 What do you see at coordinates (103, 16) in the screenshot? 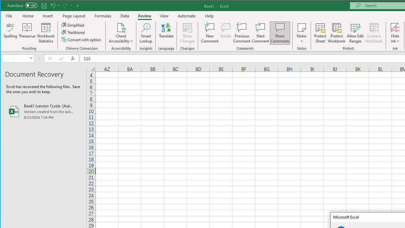
I see `'Formulas'` at bounding box center [103, 16].